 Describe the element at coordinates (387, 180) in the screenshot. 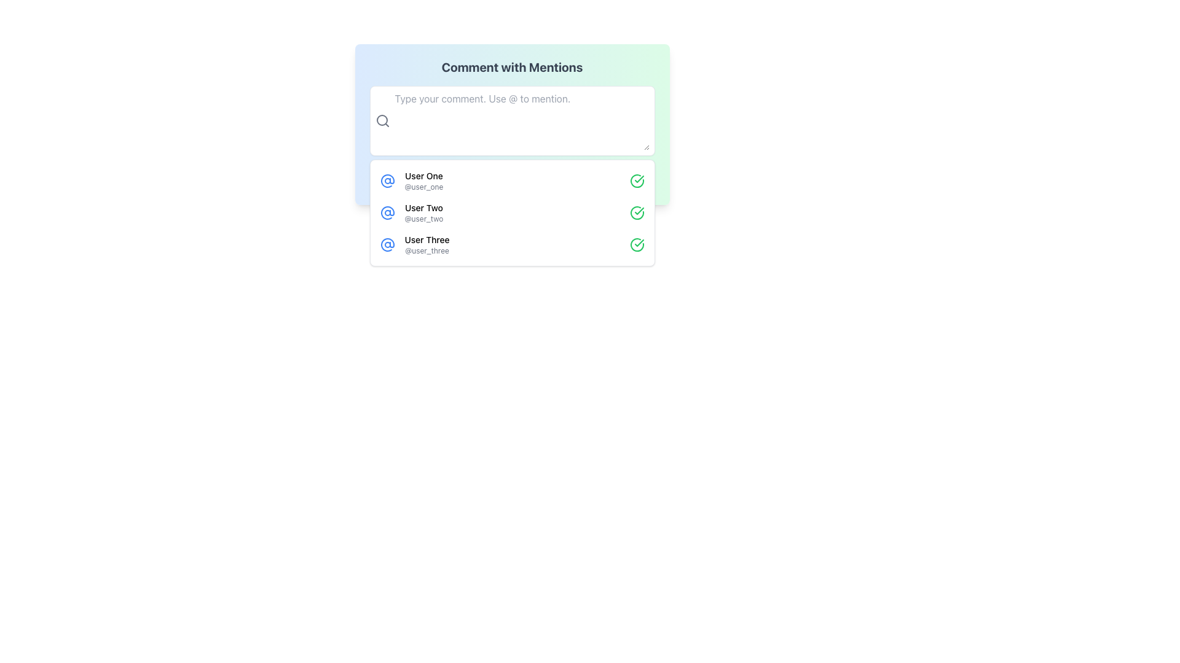

I see `the user indicator symbol icon in the dropdown list under the 'Comment with Mentions' input area, which is represented by a rounded shape in a blue palette and is located between the icons for 'User One' and 'User Three'` at that location.